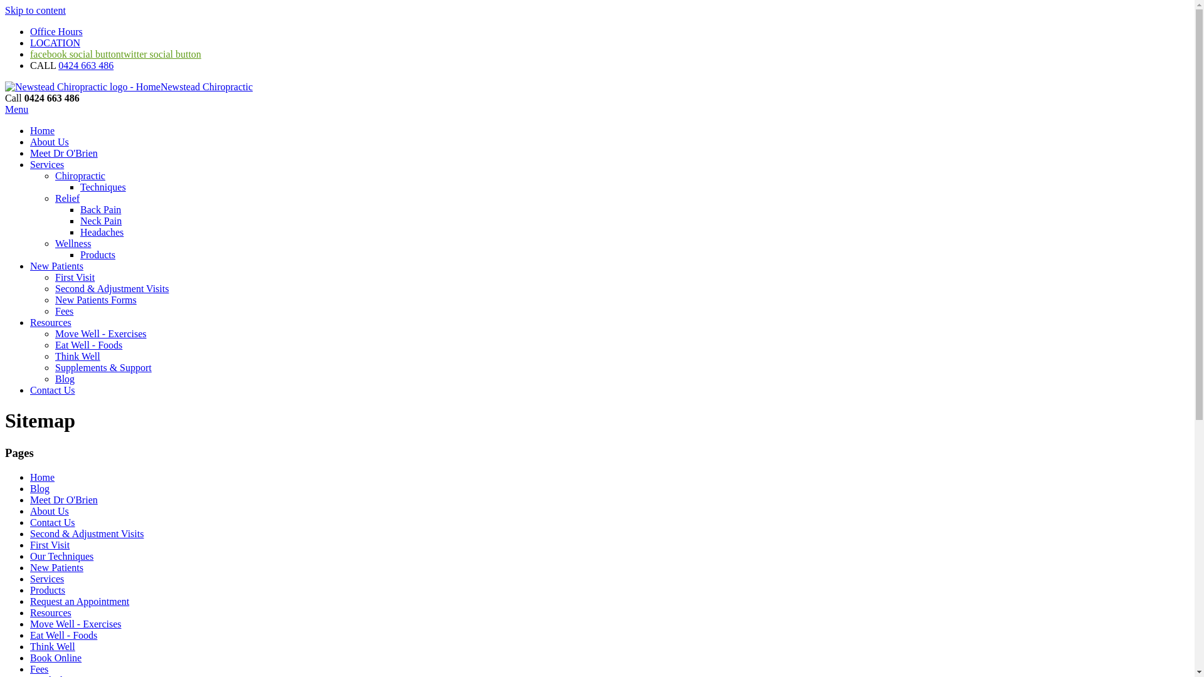 The image size is (1204, 677). What do you see at coordinates (50, 544) in the screenshot?
I see `'First Visit'` at bounding box center [50, 544].